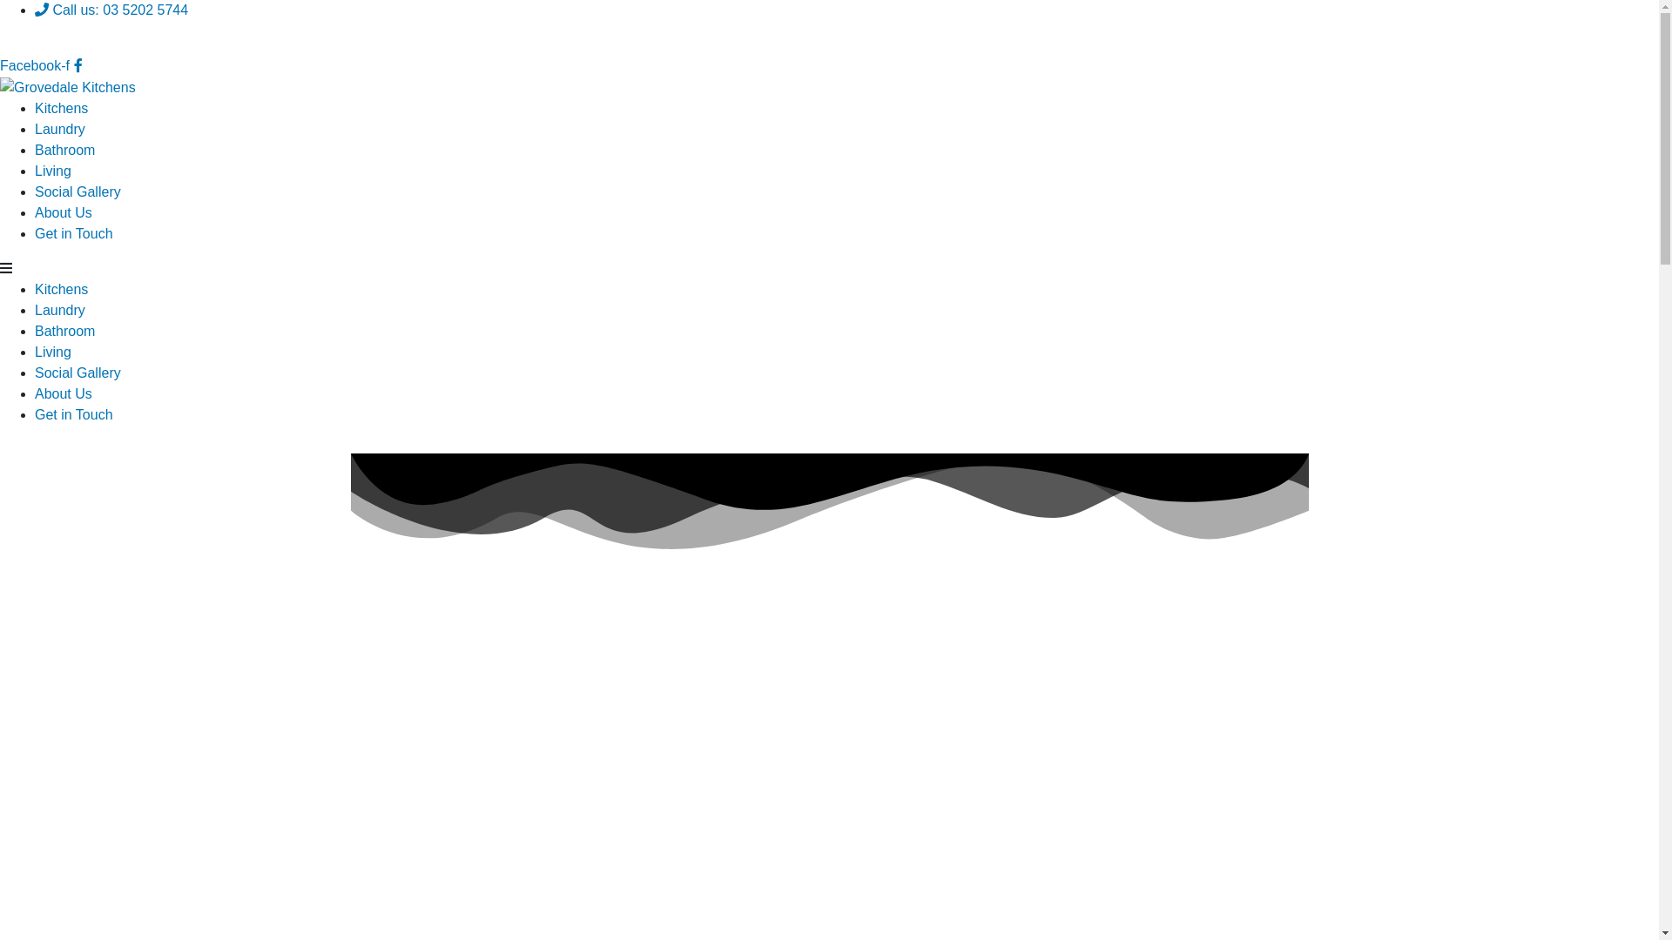 This screenshot has height=940, width=1672. I want to click on 'Get in Touch', so click(73, 232).